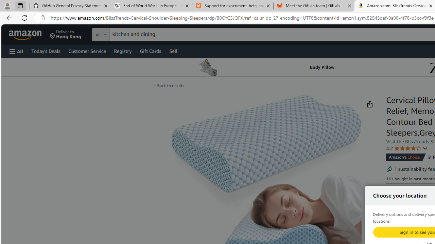 This screenshot has height=244, width=435. What do you see at coordinates (389, 168) in the screenshot?
I see `'Sustainability features'` at bounding box center [389, 168].